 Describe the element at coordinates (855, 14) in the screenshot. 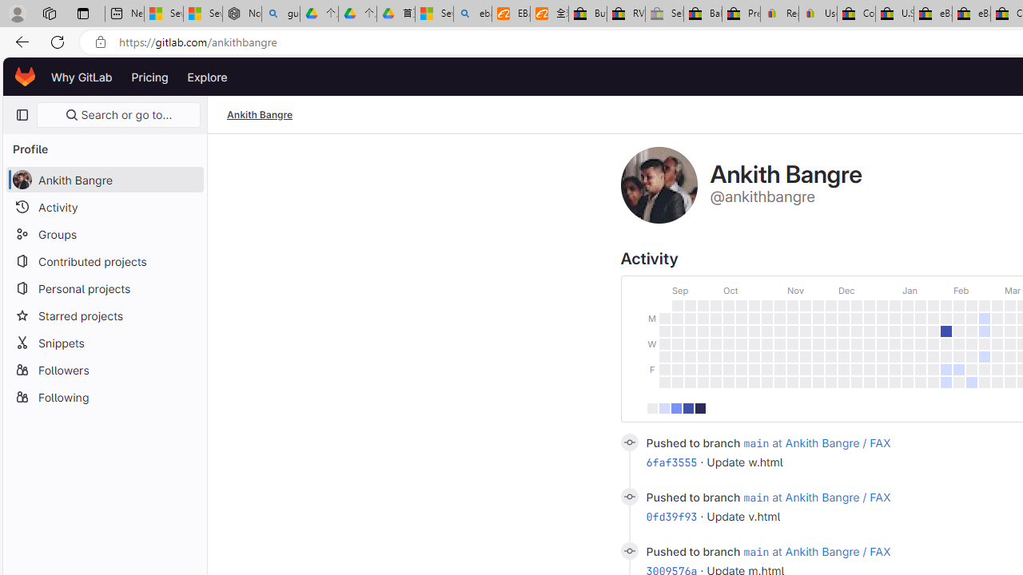

I see `'Consumer Health Data Privacy Policy - eBay Inc.'` at that location.